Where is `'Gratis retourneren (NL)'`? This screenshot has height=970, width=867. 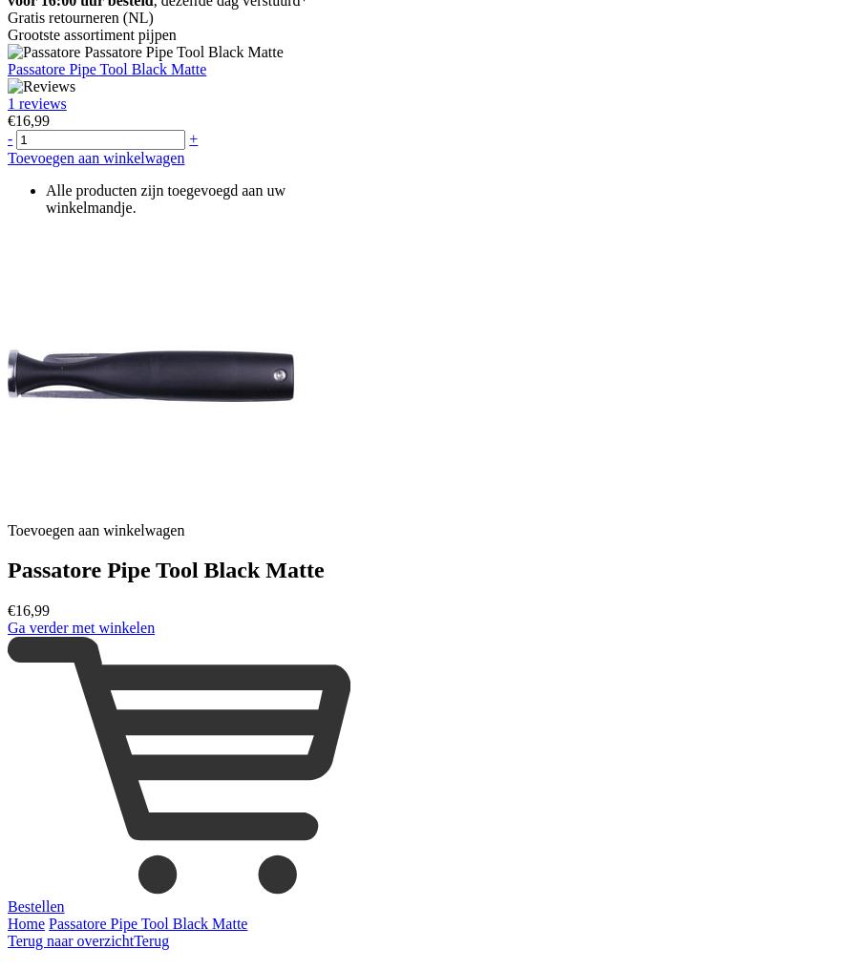 'Gratis retourneren (NL)' is located at coordinates (78, 15).